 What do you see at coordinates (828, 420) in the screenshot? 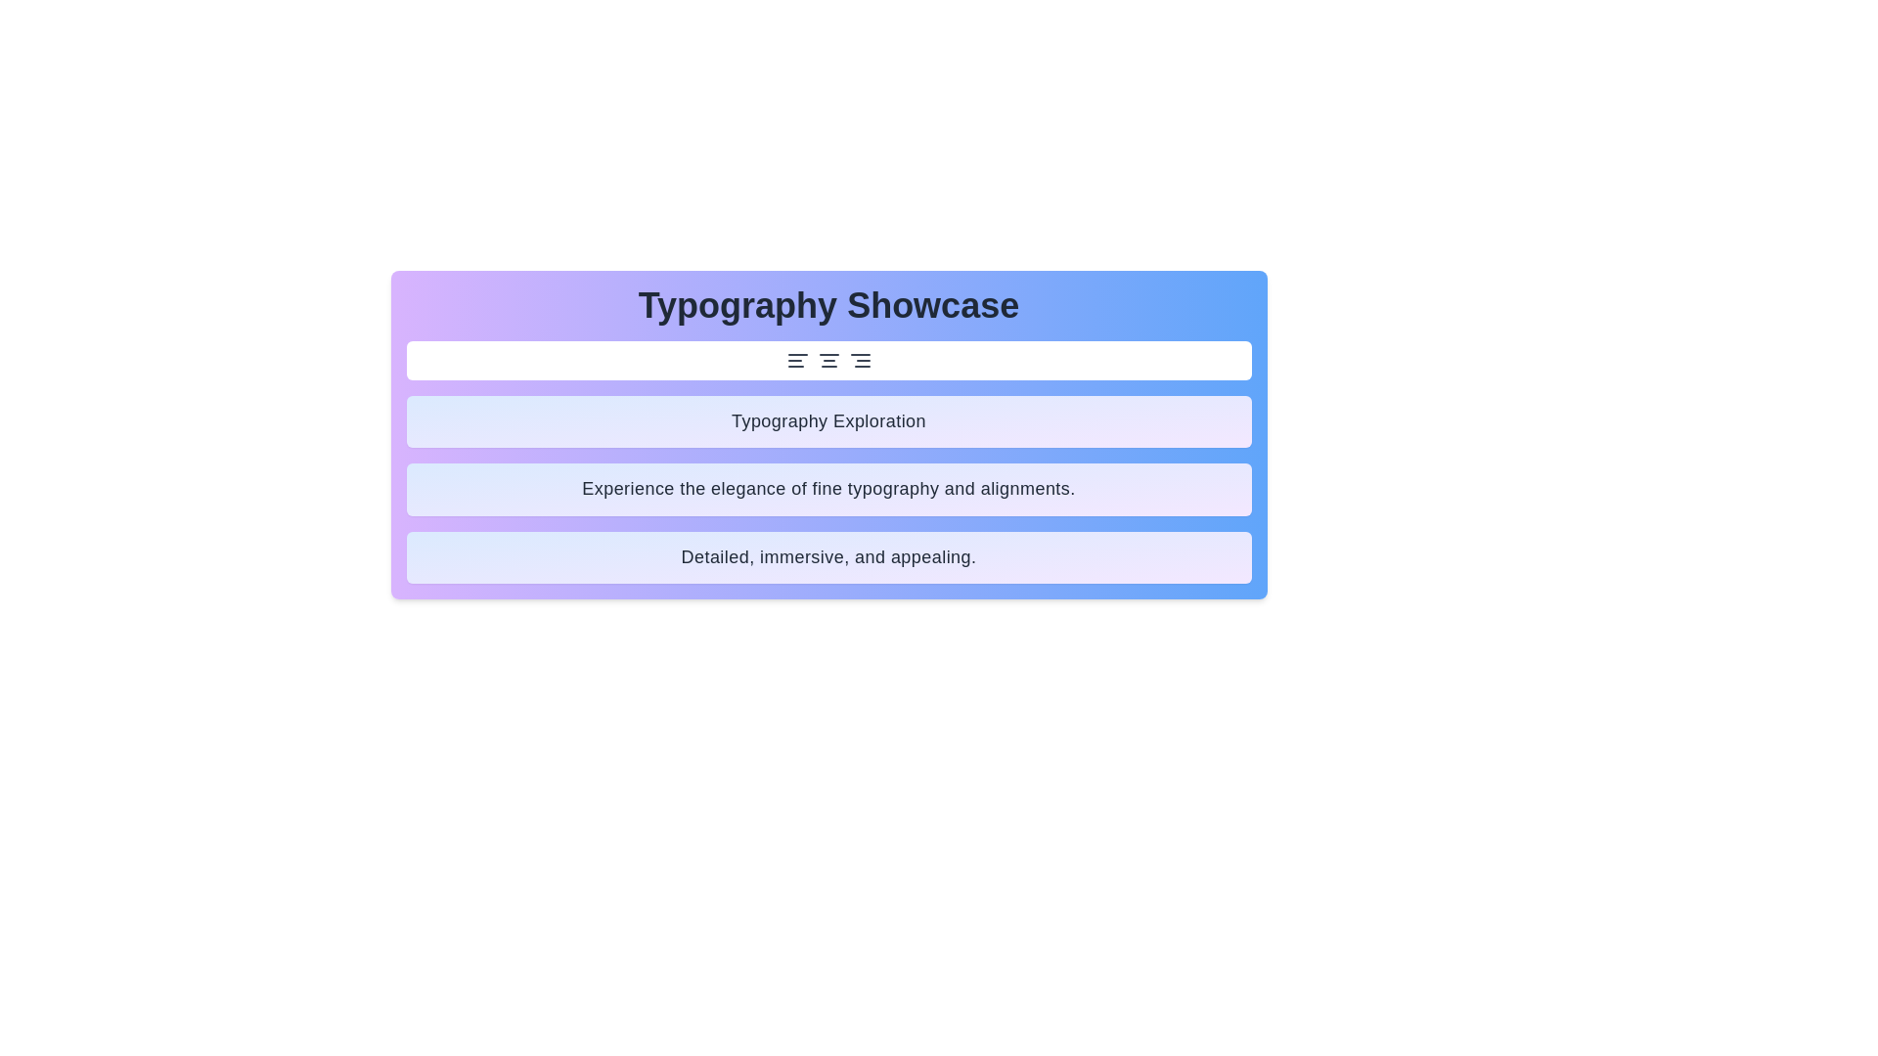
I see `the Text block titled 'Typography Exploration', which serves as a headline introducing a section with styled background` at bounding box center [828, 420].